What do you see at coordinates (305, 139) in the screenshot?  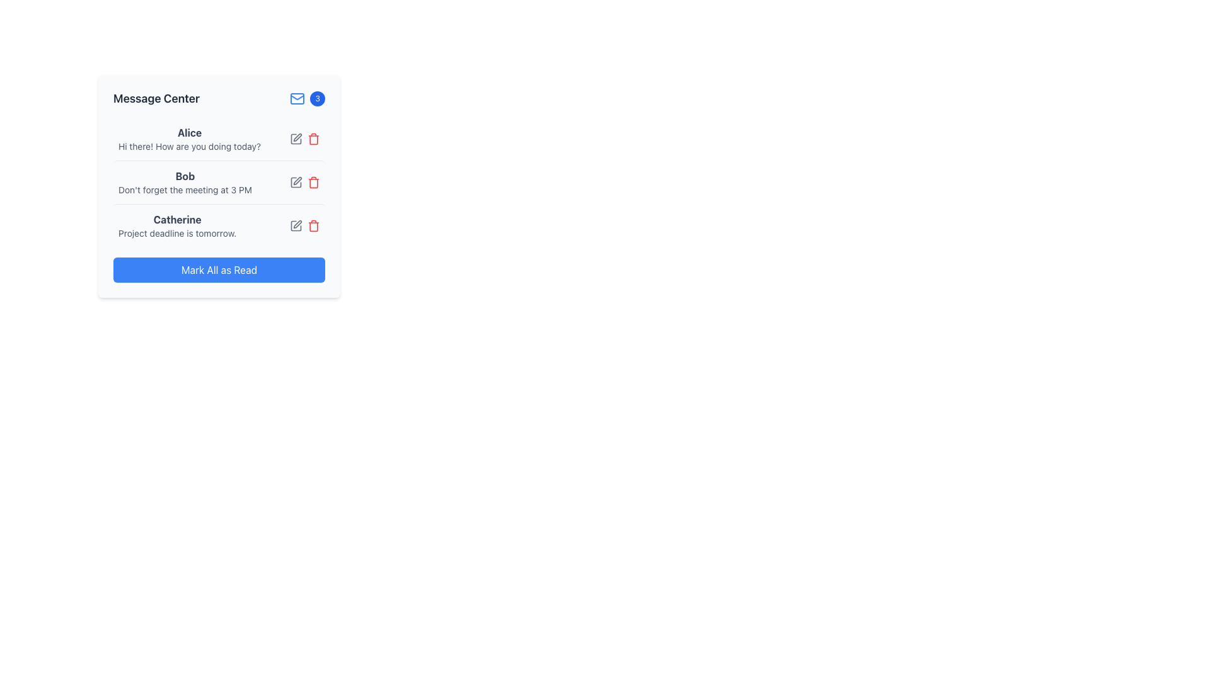 I see `the trash bin icon on the right side of the edit and delete icon set` at bounding box center [305, 139].